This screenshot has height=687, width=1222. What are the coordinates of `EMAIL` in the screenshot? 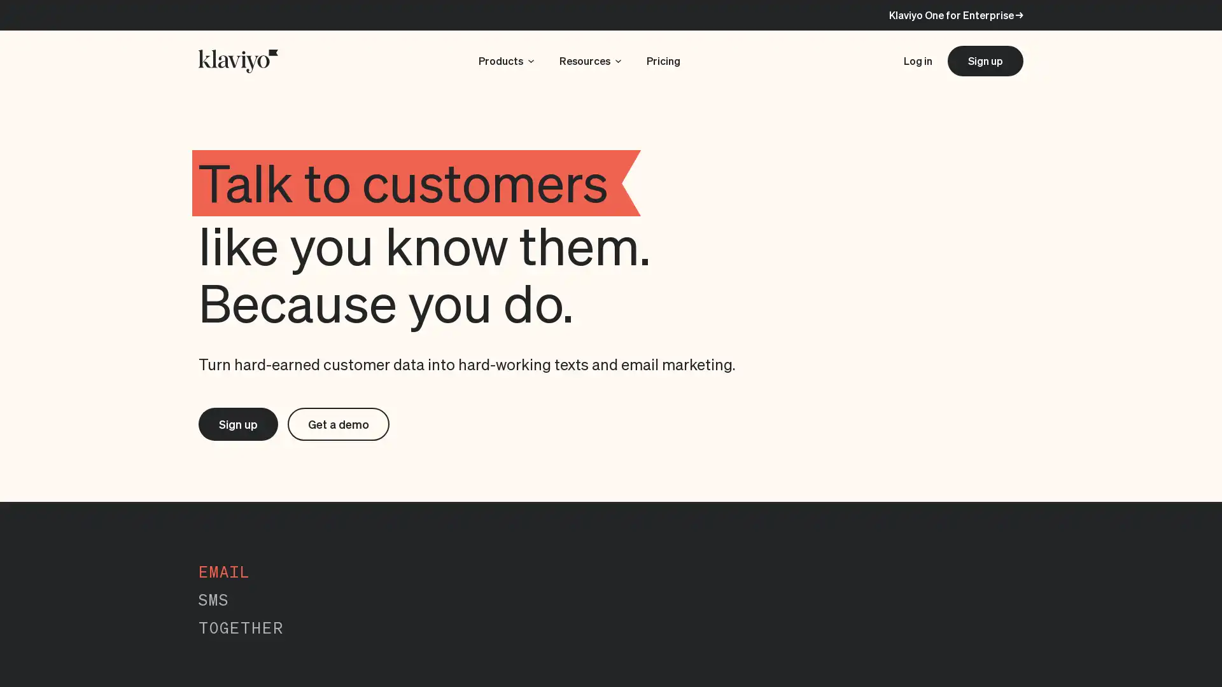 It's located at (224, 574).